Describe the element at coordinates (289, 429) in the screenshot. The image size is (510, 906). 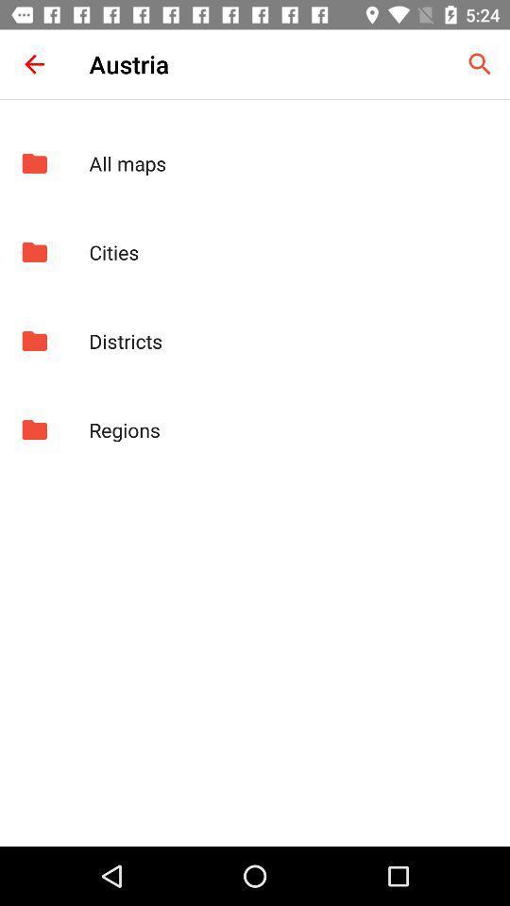
I see `regions` at that location.